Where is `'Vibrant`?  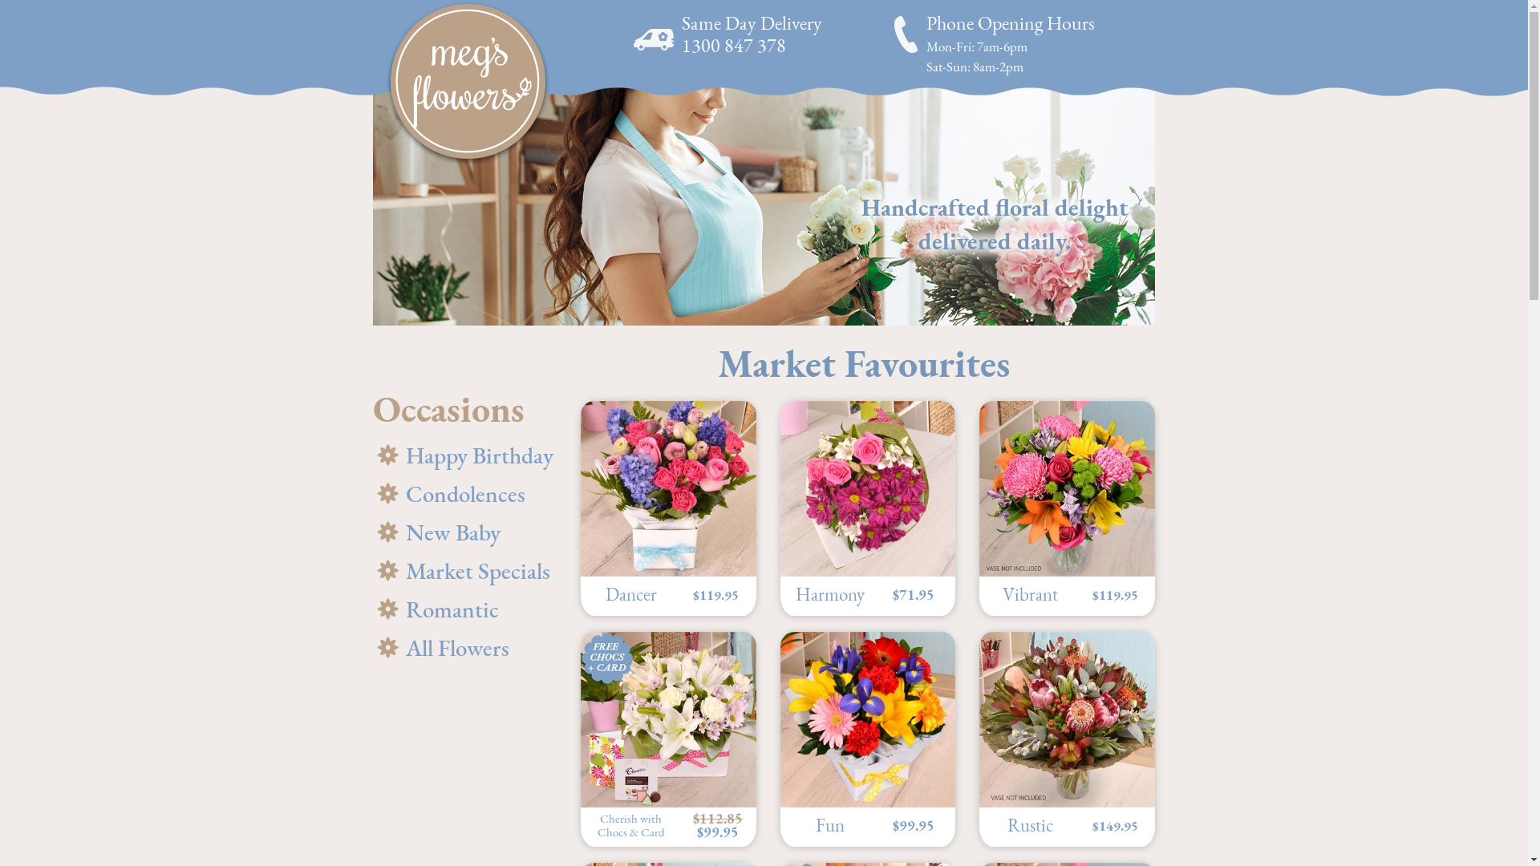 'Vibrant is located at coordinates (978, 508).